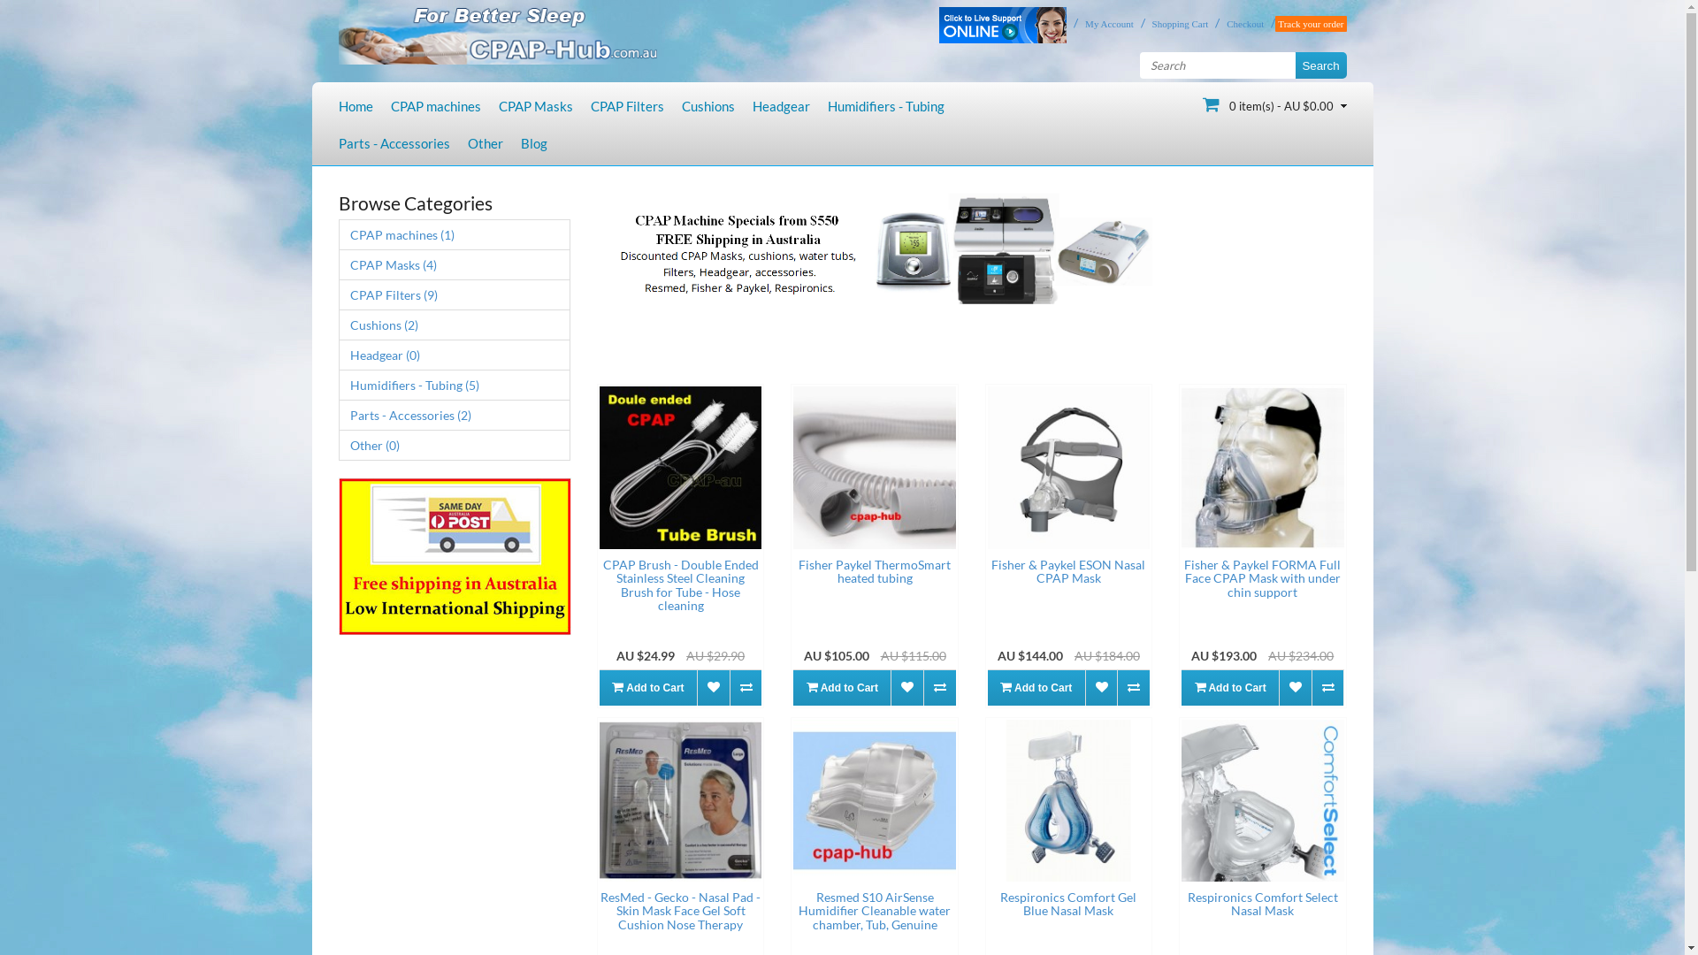 This screenshot has height=955, width=1698. Describe the element at coordinates (532, 142) in the screenshot. I see `'Blog'` at that location.